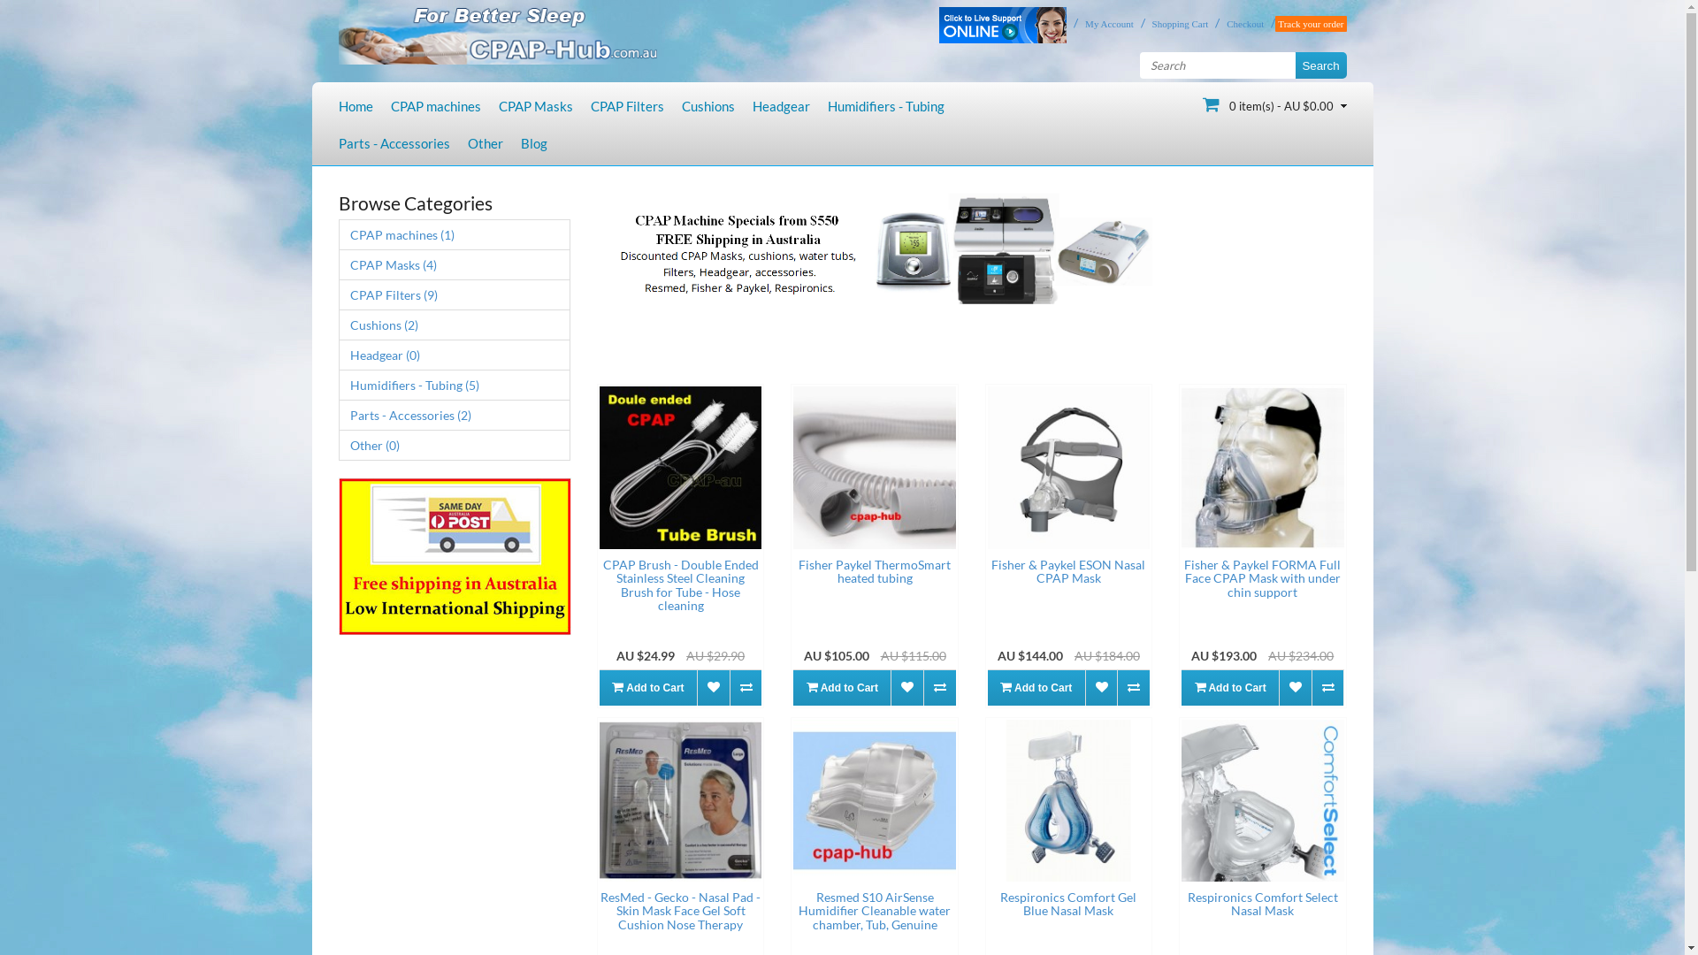 This screenshot has height=955, width=1698. Describe the element at coordinates (532, 142) in the screenshot. I see `'Blog'` at that location.